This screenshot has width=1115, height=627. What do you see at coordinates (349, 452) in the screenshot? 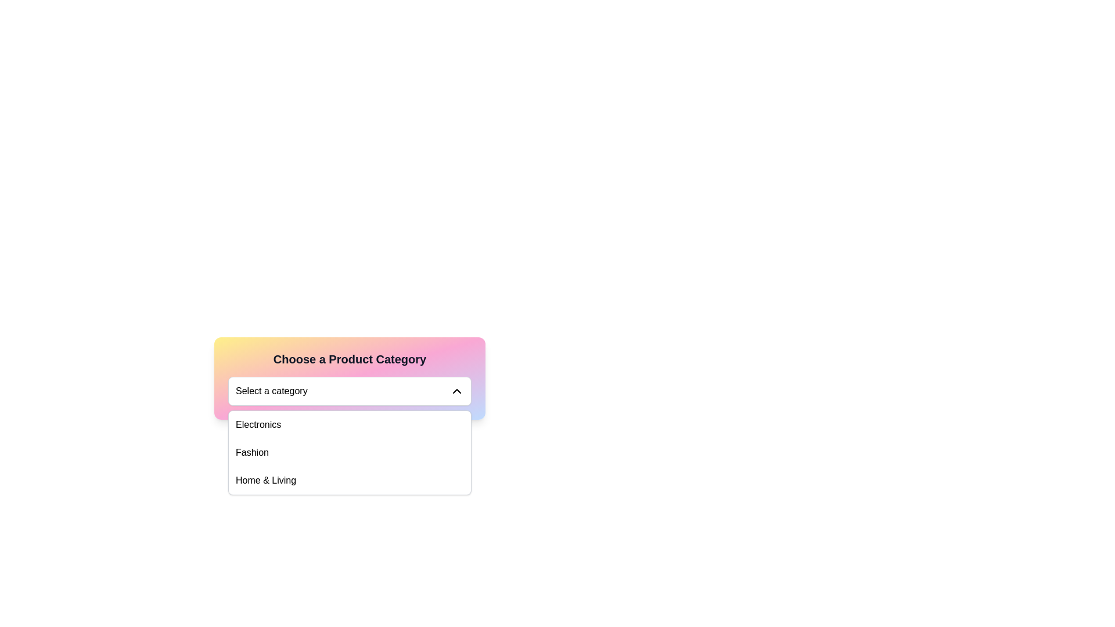
I see `to select the 'Fashion' category option in the dropdown menu located between 'Electronics' and 'Home & Living'` at bounding box center [349, 452].